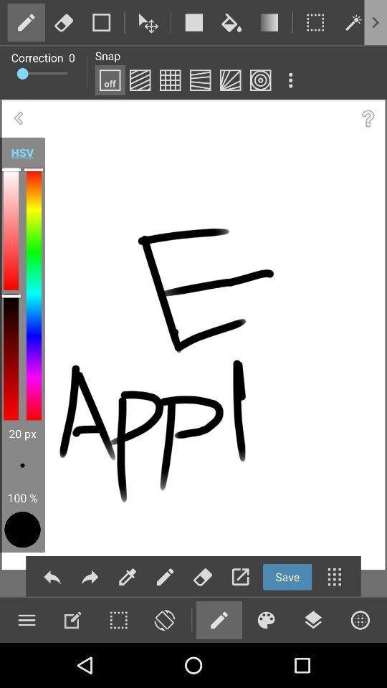 Image resolution: width=387 pixels, height=688 pixels. Describe the element at coordinates (72, 619) in the screenshot. I see `sittings` at that location.